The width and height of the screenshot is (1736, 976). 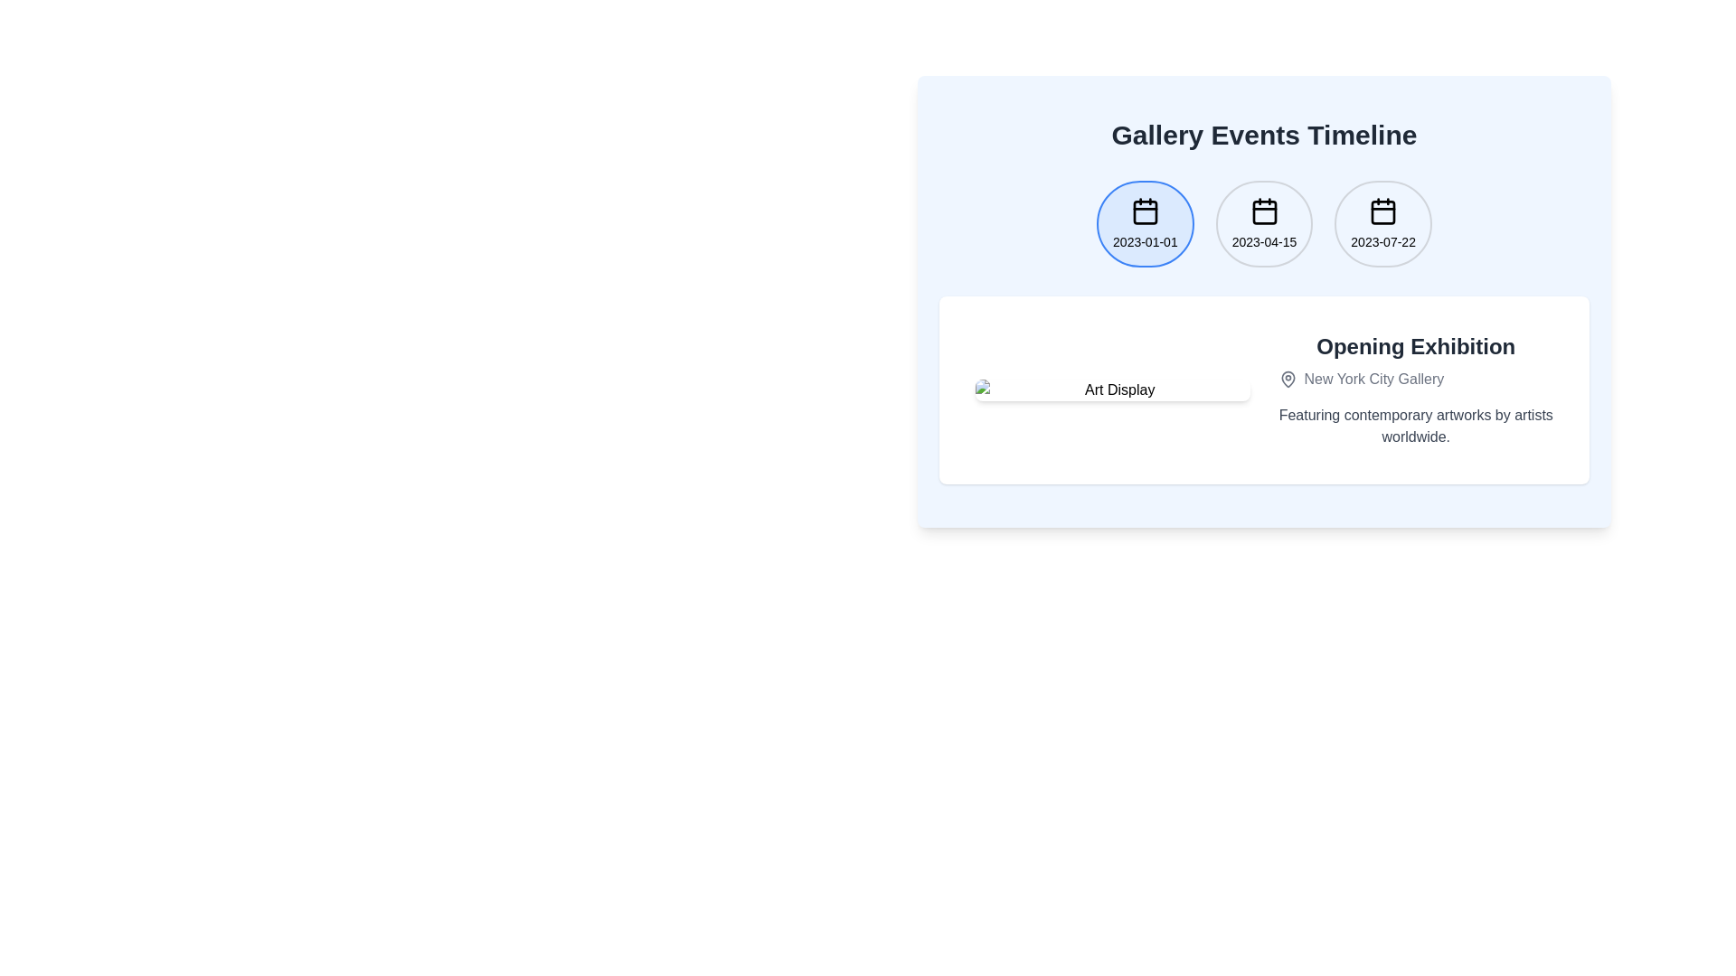 What do you see at coordinates (1263, 237) in the screenshot?
I see `the second button under the 'Gallery Events Timeline'` at bounding box center [1263, 237].